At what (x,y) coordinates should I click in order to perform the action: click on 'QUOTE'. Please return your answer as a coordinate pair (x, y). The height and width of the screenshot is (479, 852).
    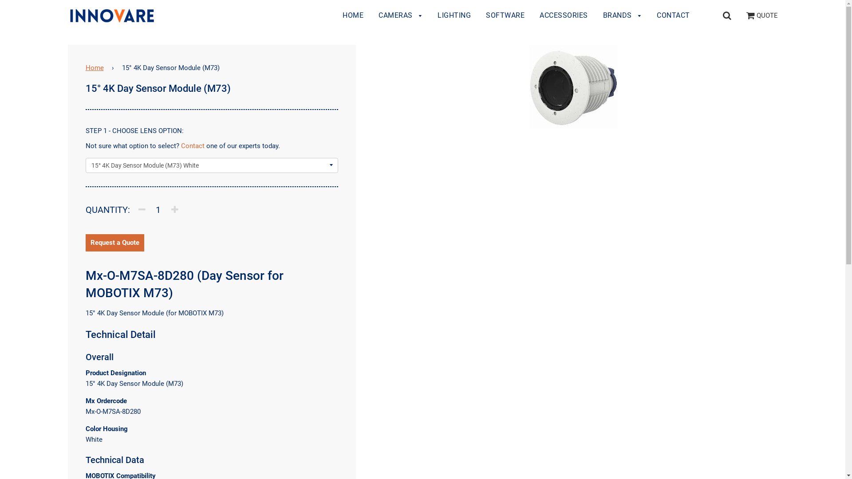
    Looking at the image, I should click on (761, 15).